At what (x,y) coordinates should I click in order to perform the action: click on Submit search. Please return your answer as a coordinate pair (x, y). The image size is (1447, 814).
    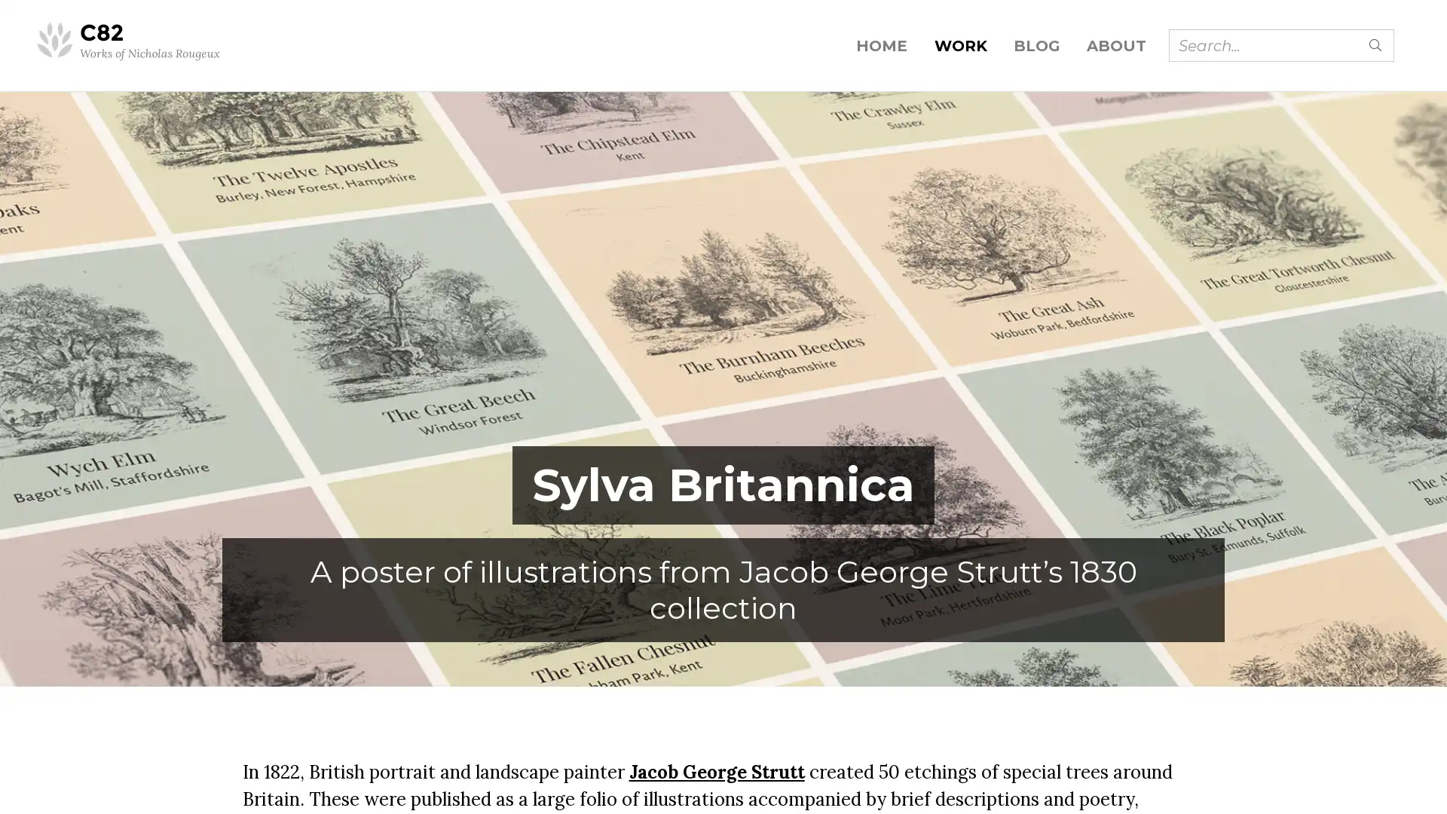
    Looking at the image, I should click on (1375, 44).